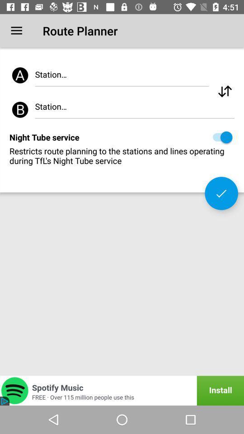 The image size is (244, 434). What do you see at coordinates (221, 193) in the screenshot?
I see `the check icon` at bounding box center [221, 193].